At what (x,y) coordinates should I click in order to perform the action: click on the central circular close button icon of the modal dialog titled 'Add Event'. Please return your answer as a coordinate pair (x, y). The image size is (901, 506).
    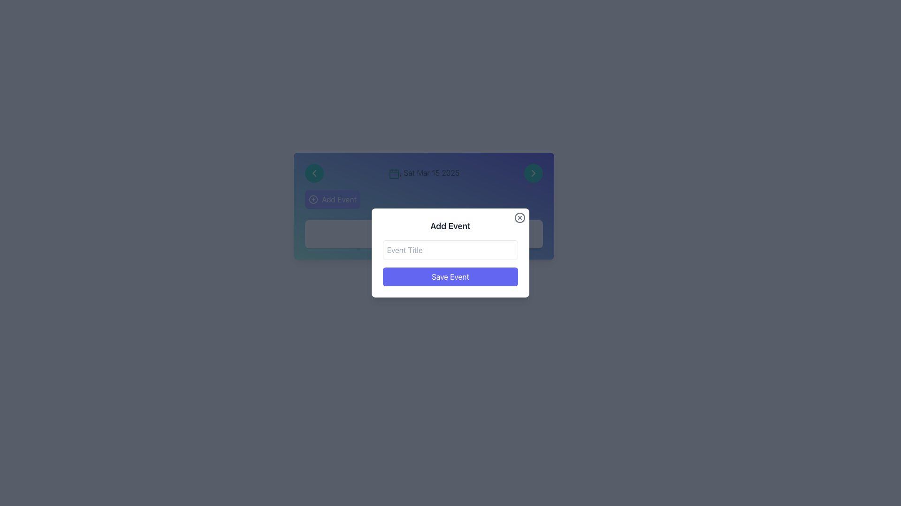
    Looking at the image, I should click on (519, 218).